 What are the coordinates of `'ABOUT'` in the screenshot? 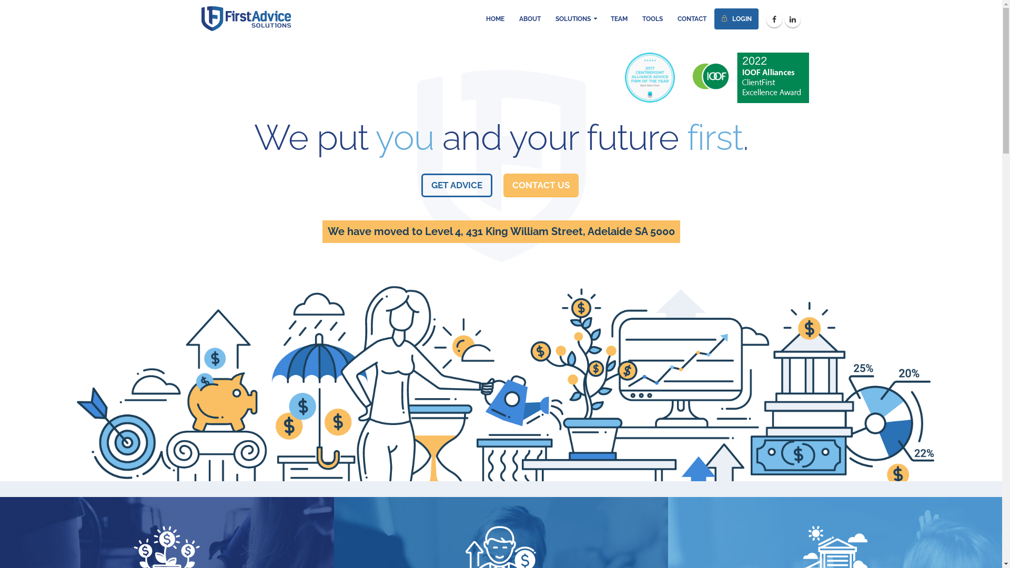 It's located at (530, 18).